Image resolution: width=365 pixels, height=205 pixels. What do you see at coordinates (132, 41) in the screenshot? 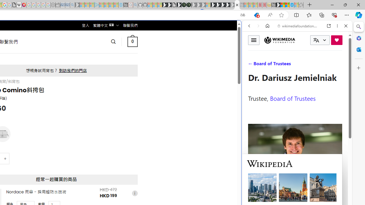
I see `'  0  '` at bounding box center [132, 41].